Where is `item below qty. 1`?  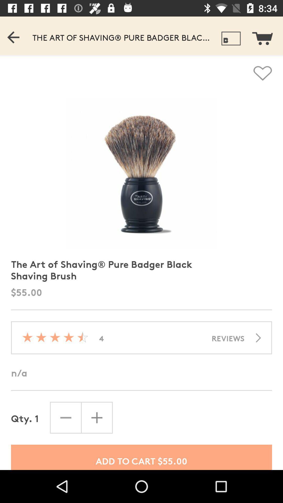
item below qty. 1 is located at coordinates (141, 457).